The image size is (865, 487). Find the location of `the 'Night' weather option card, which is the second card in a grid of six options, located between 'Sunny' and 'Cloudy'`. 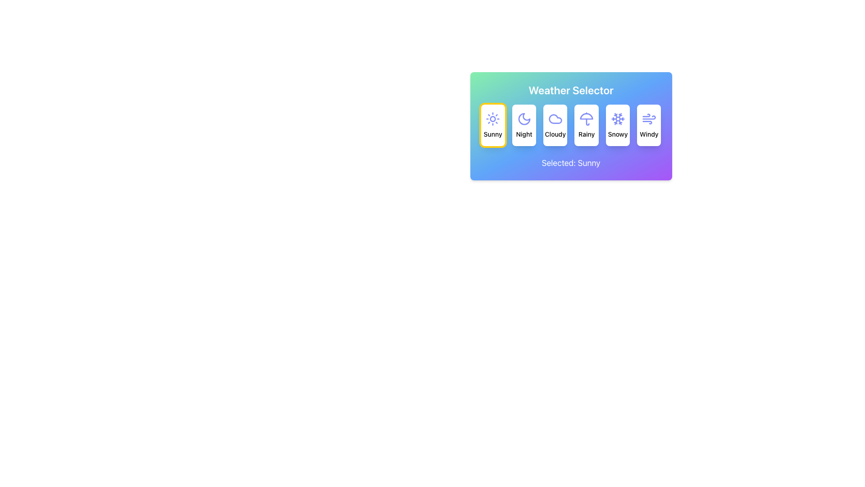

the 'Night' weather option card, which is the second card in a grid of six options, located between 'Sunny' and 'Cloudy' is located at coordinates (524, 125).